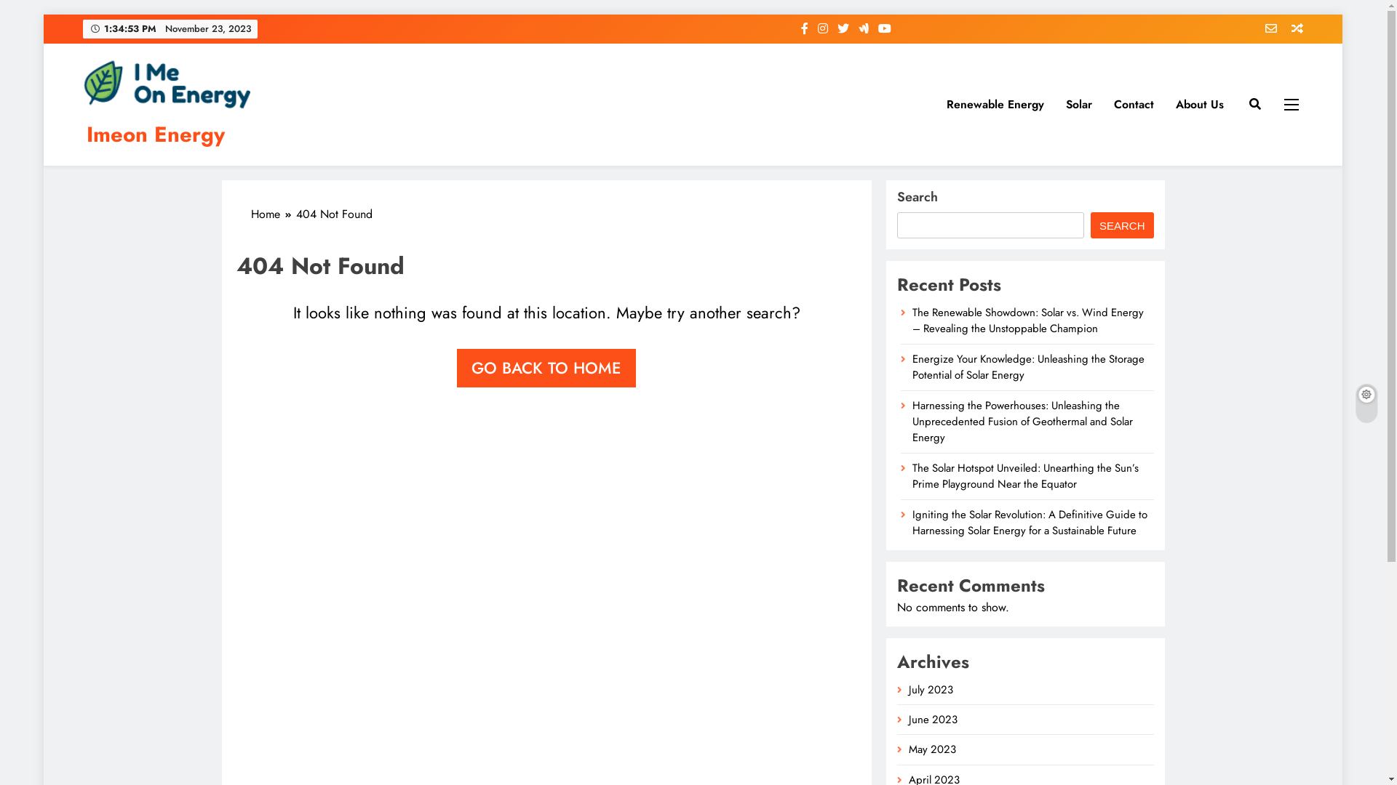 The height and width of the screenshot is (785, 1397). What do you see at coordinates (930, 688) in the screenshot?
I see `'July 2023'` at bounding box center [930, 688].